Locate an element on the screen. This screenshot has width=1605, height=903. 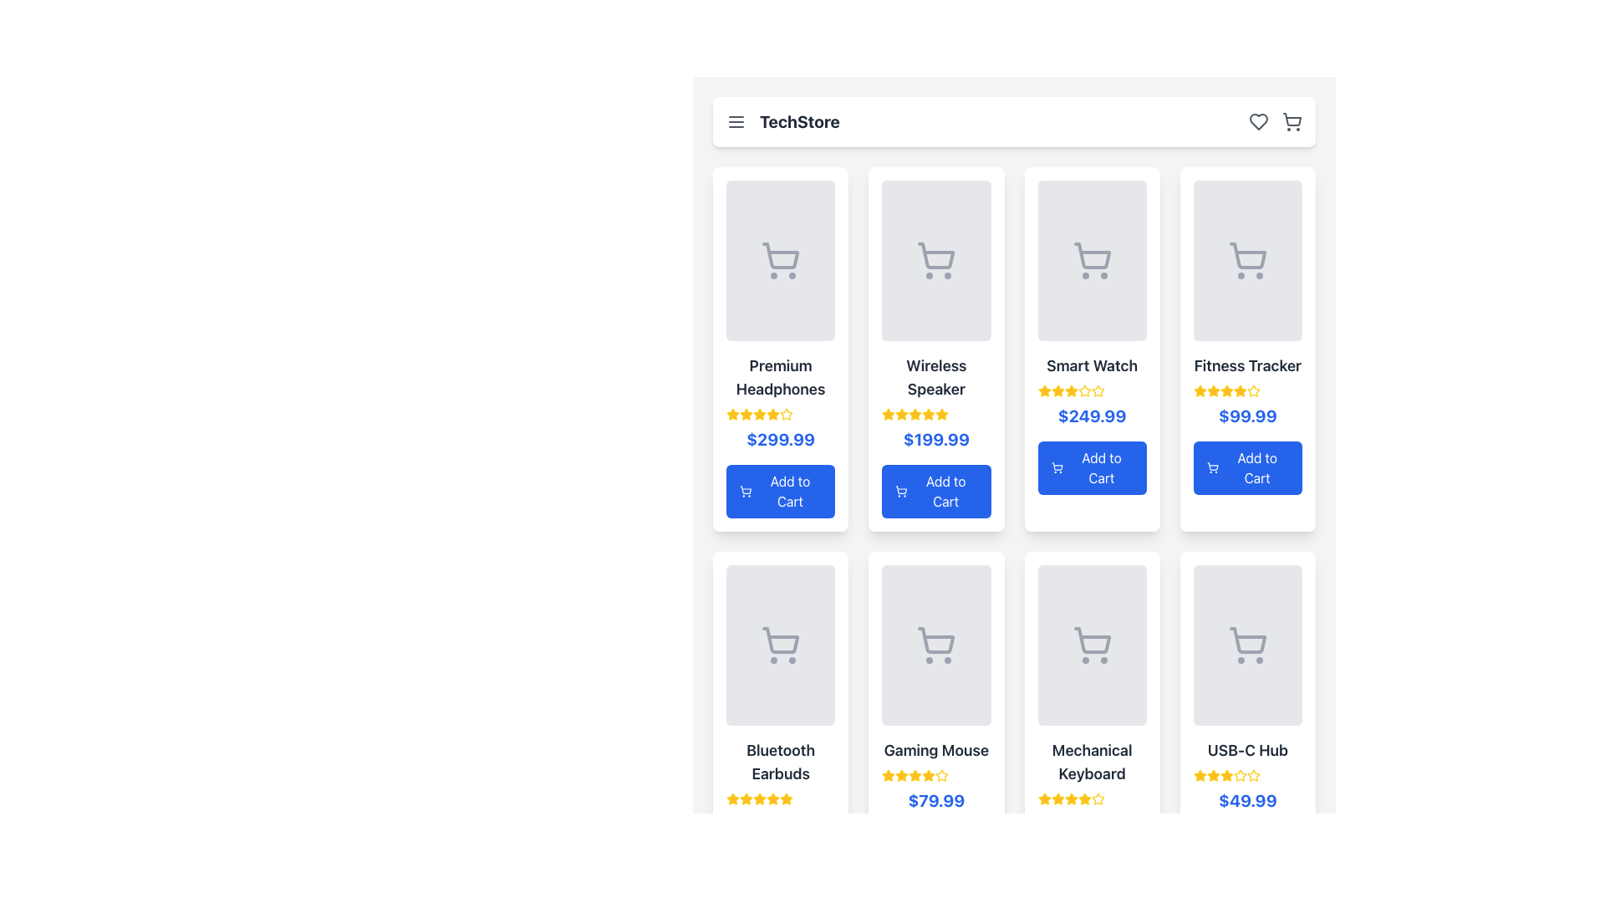
the fourth star in the rating system located in the first row and first column of the product card grid layout is located at coordinates (758, 414).